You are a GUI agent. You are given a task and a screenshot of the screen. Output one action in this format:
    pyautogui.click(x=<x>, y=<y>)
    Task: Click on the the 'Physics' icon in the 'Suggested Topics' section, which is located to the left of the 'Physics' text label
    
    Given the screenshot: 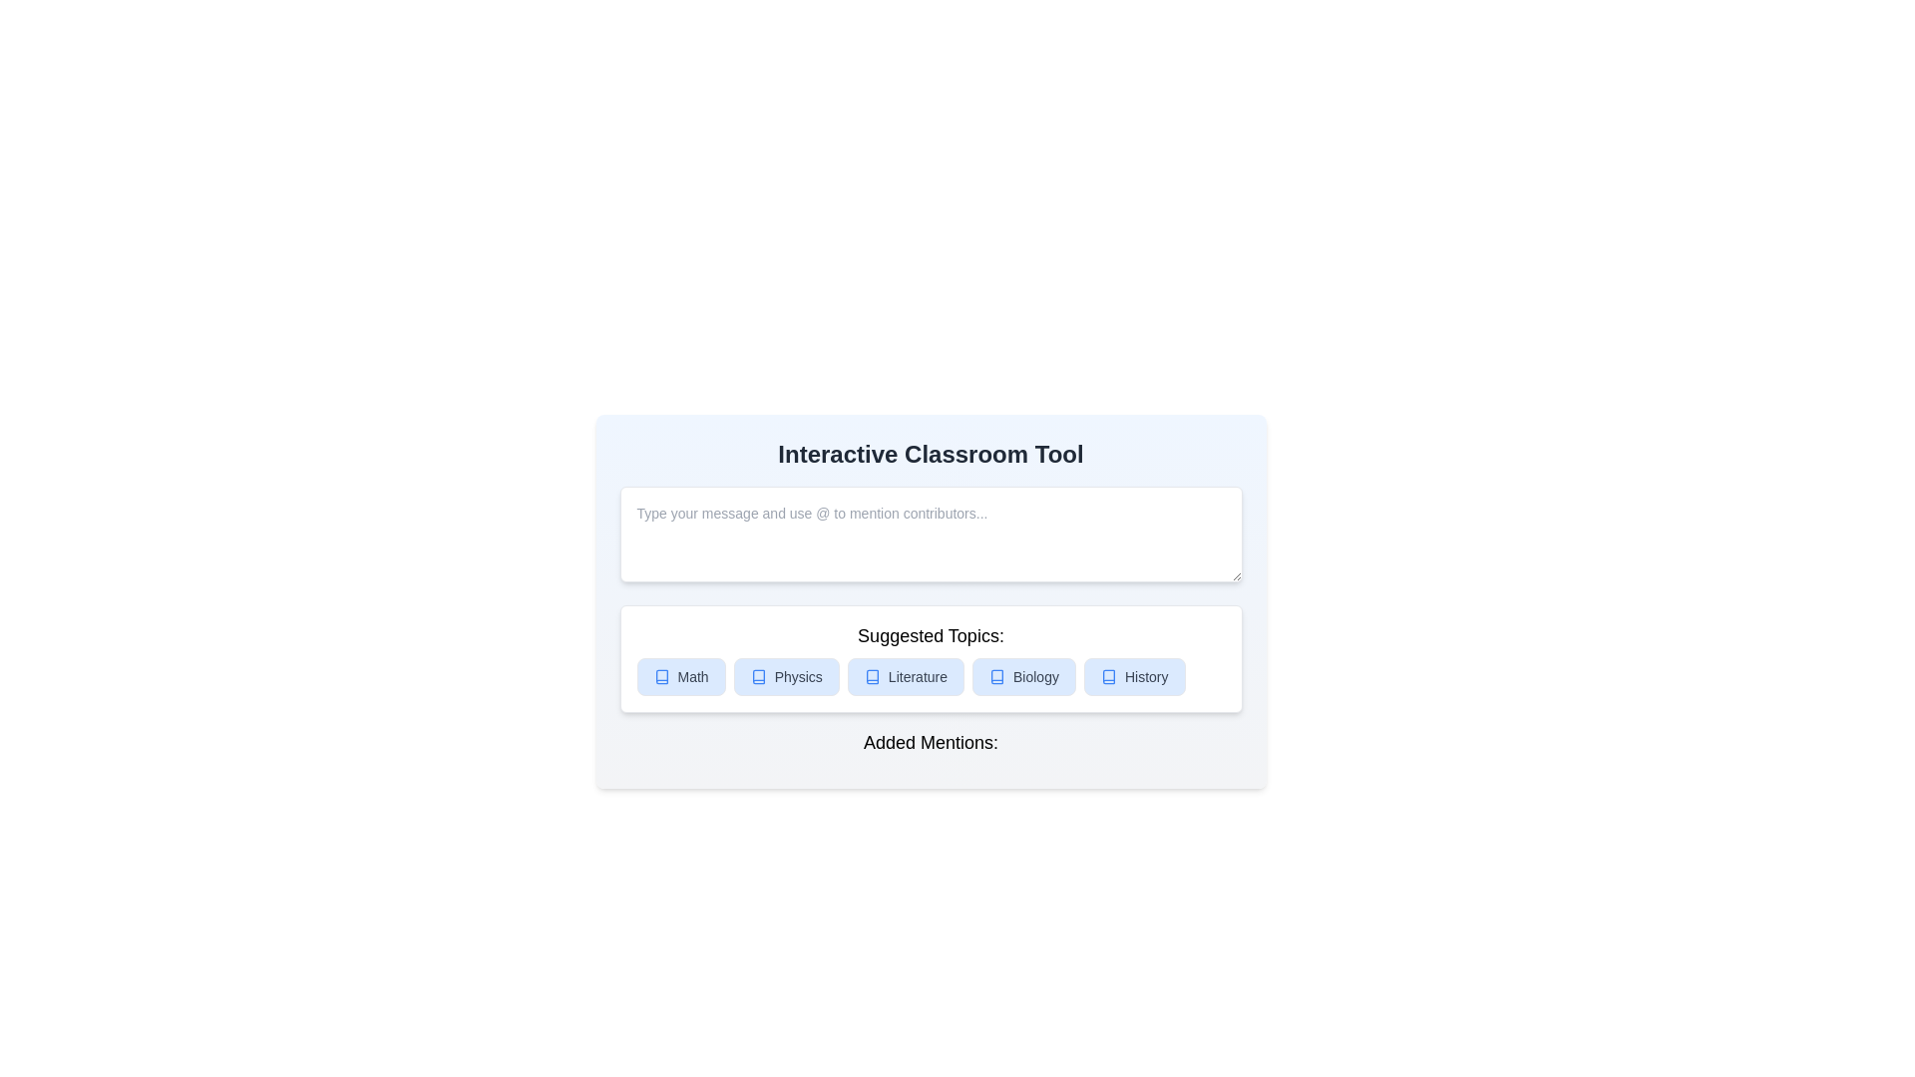 What is the action you would take?
    pyautogui.click(x=757, y=675)
    